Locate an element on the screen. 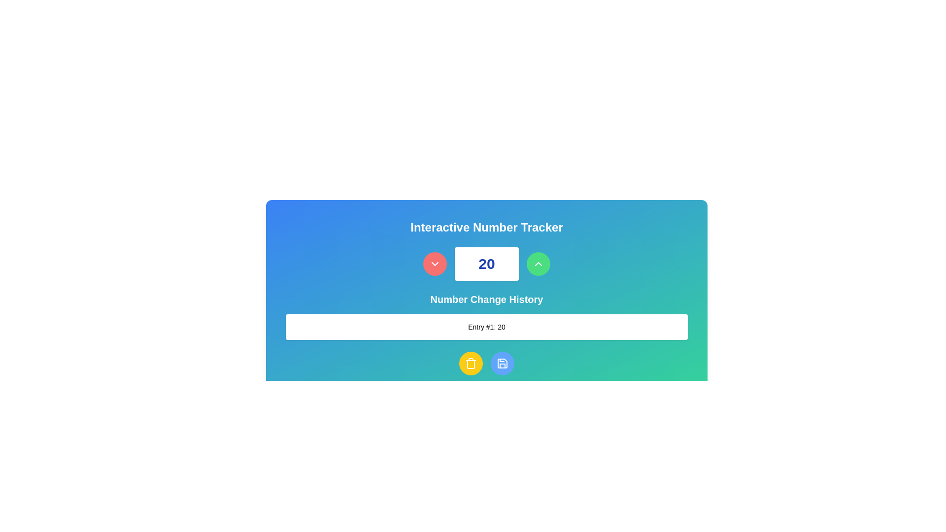 Image resolution: width=946 pixels, height=532 pixels. the icon contained within the red circular button to the left of the central numeric input field is located at coordinates (435, 264).